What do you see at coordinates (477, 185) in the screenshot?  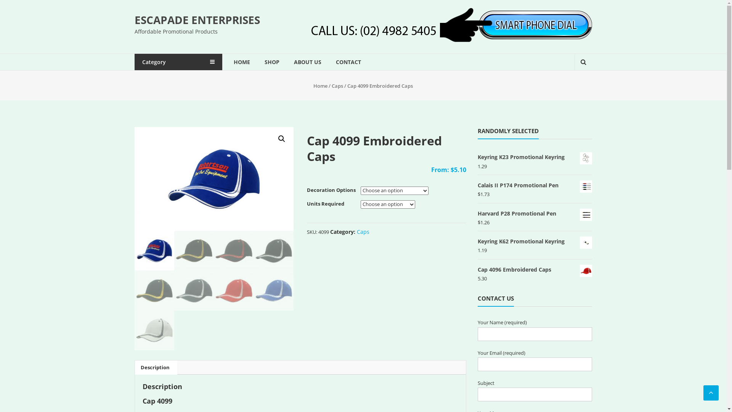 I see `'Calais II P174 Promotional Pen'` at bounding box center [477, 185].